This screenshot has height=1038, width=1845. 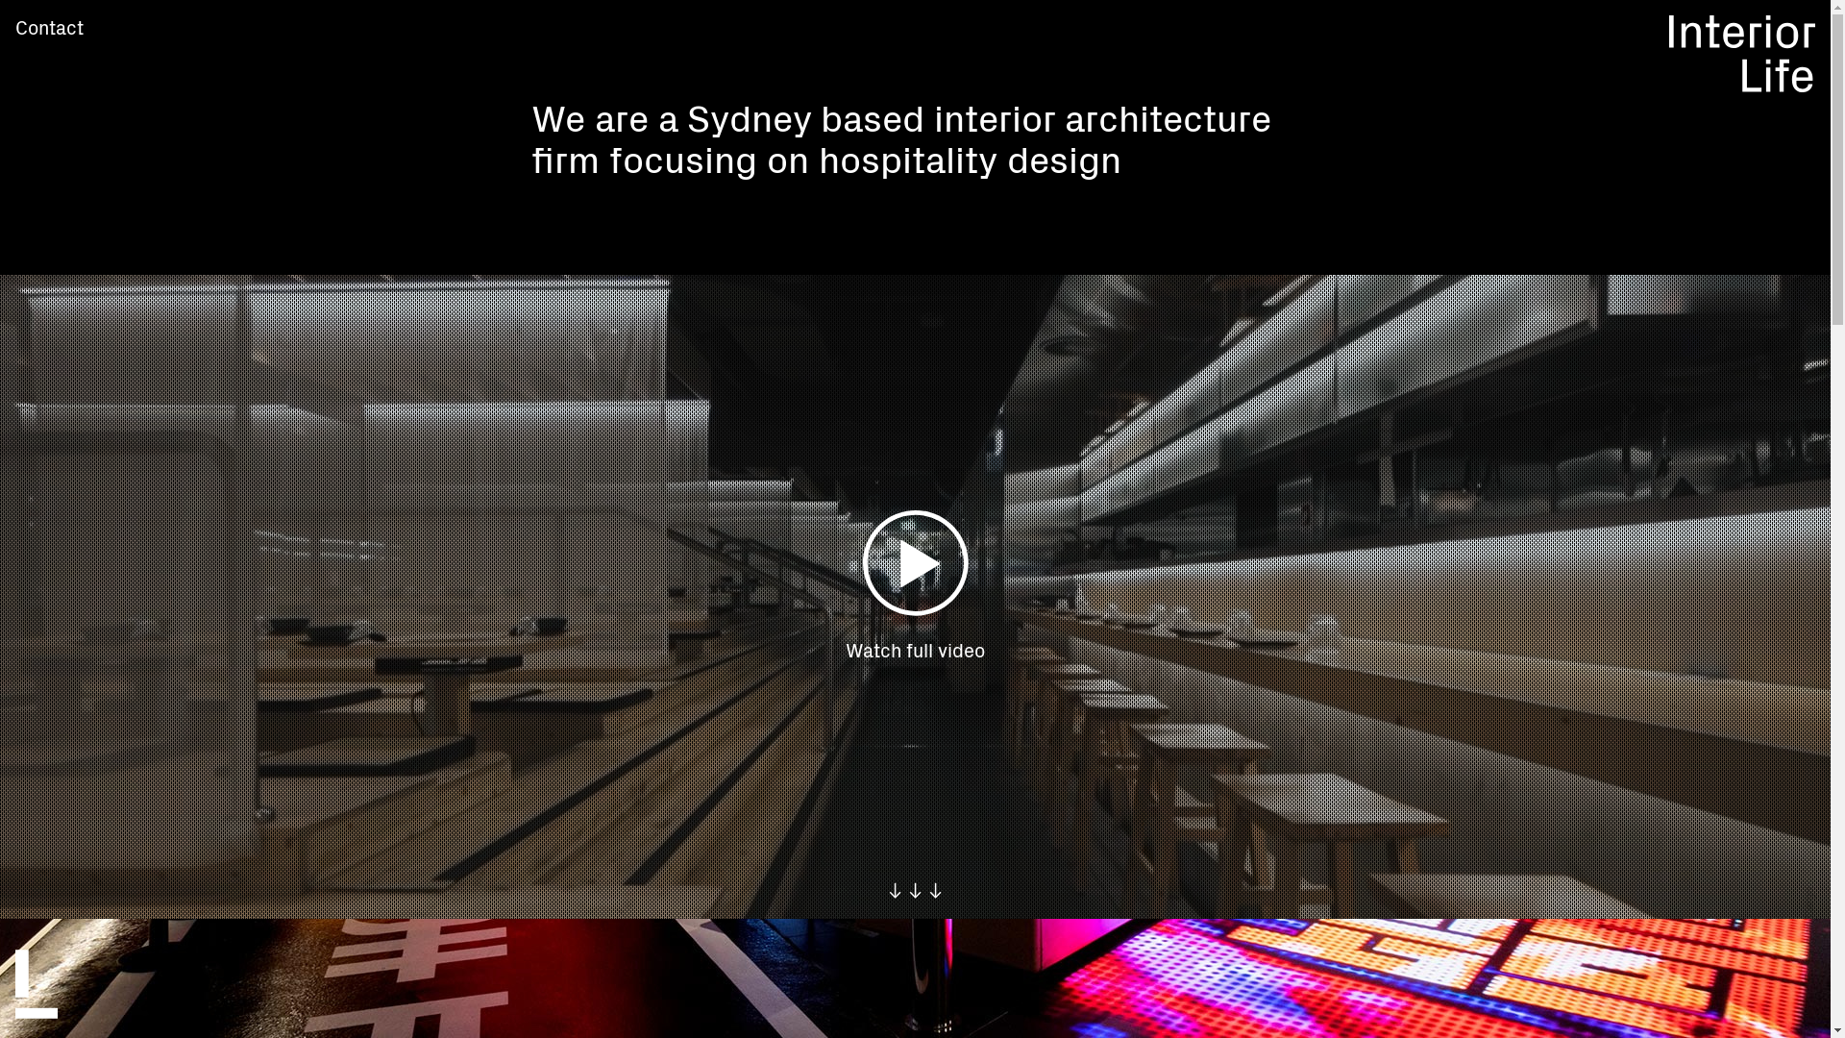 I want to click on 'Contact', so click(x=49, y=27).